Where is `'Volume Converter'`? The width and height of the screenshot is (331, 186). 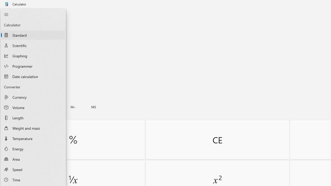
'Volume Converter' is located at coordinates (33, 107).